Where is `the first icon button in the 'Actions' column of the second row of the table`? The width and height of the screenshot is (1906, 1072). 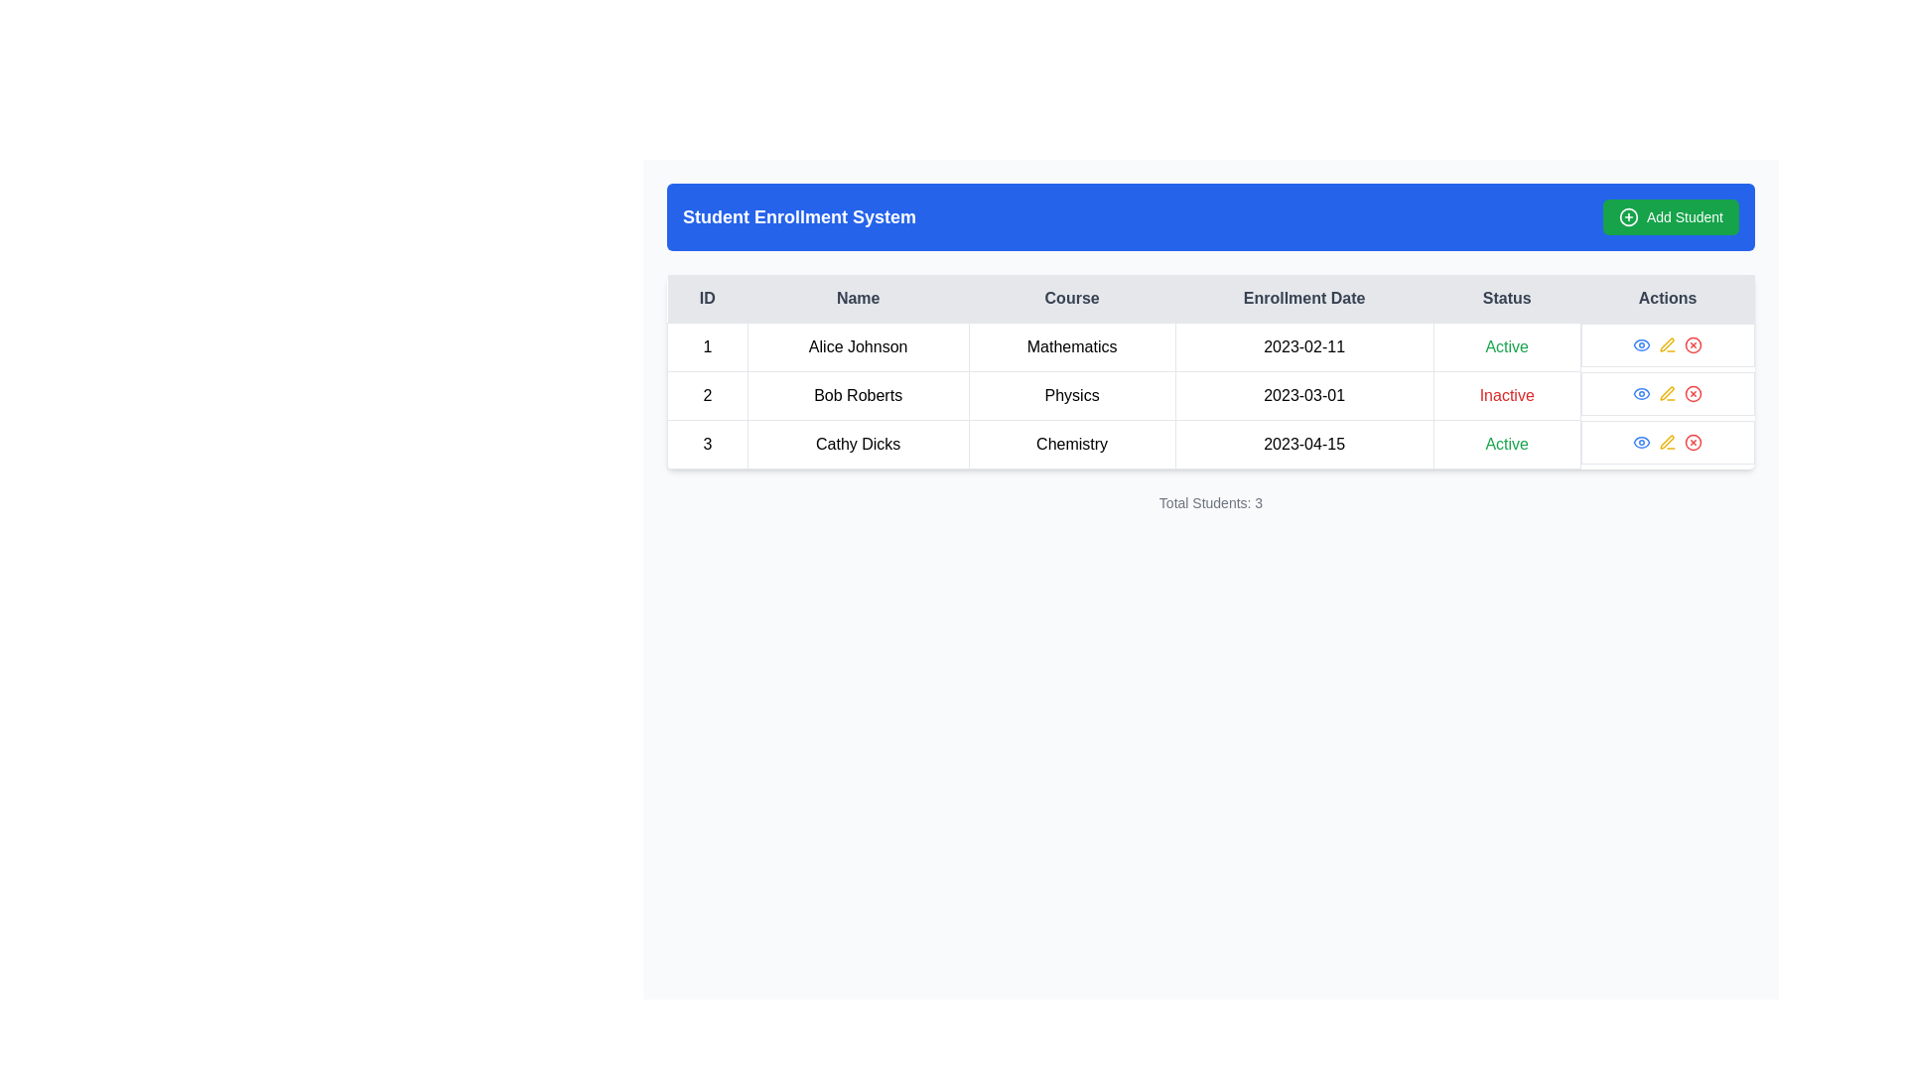 the first icon button in the 'Actions' column of the second row of the table is located at coordinates (1642, 343).